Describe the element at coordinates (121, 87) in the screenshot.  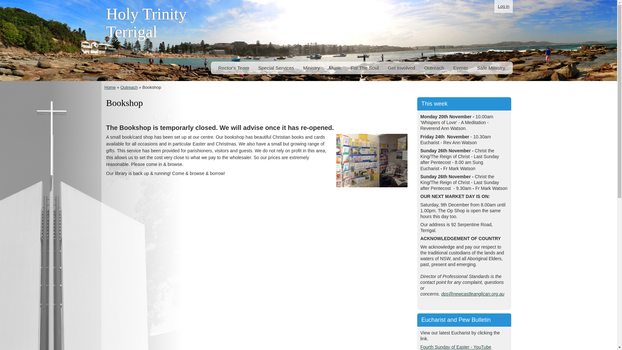
I see `'Outreach'` at that location.